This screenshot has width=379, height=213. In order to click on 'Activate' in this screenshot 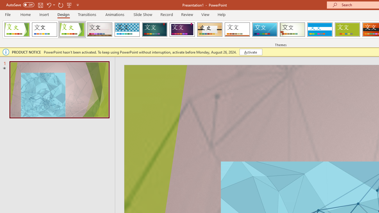, I will do `click(251, 52)`.